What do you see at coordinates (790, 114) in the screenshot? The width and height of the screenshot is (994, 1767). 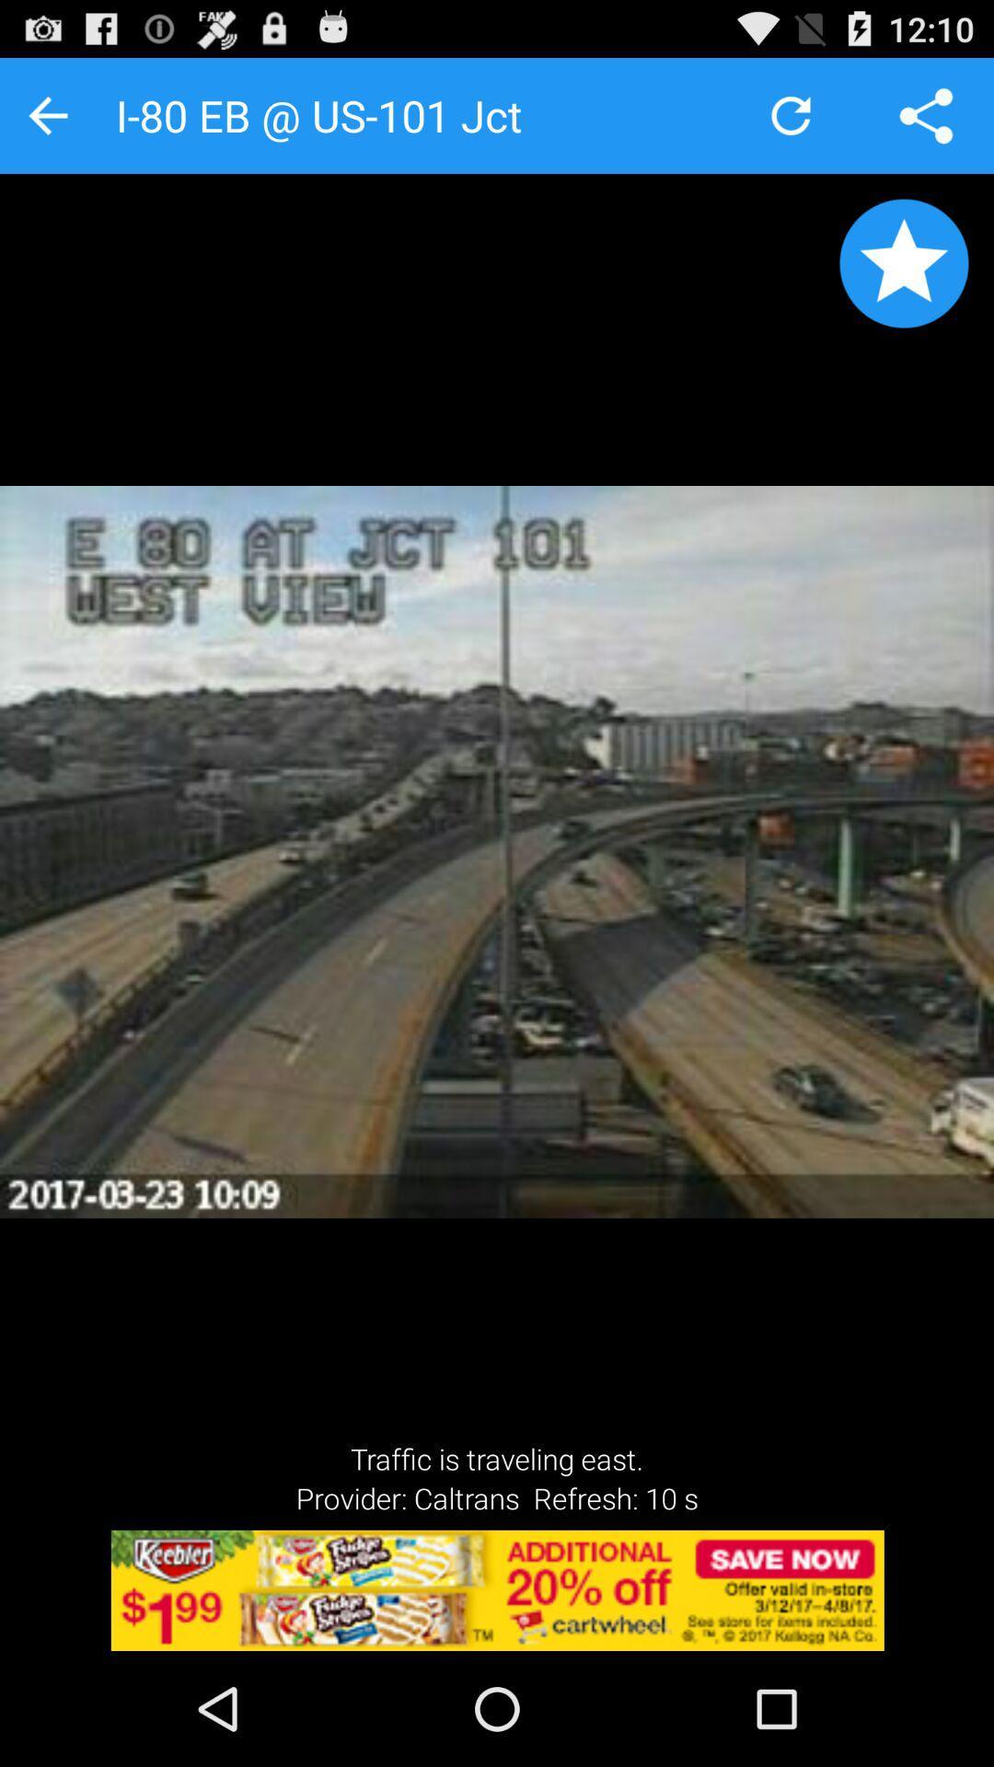 I see `reload the page` at bounding box center [790, 114].